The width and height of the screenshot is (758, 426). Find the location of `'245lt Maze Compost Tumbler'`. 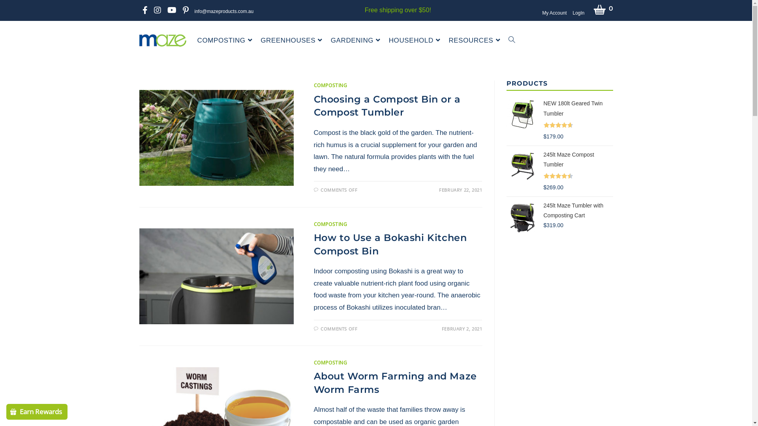

'245lt Maze Compost Tumbler' is located at coordinates (578, 160).